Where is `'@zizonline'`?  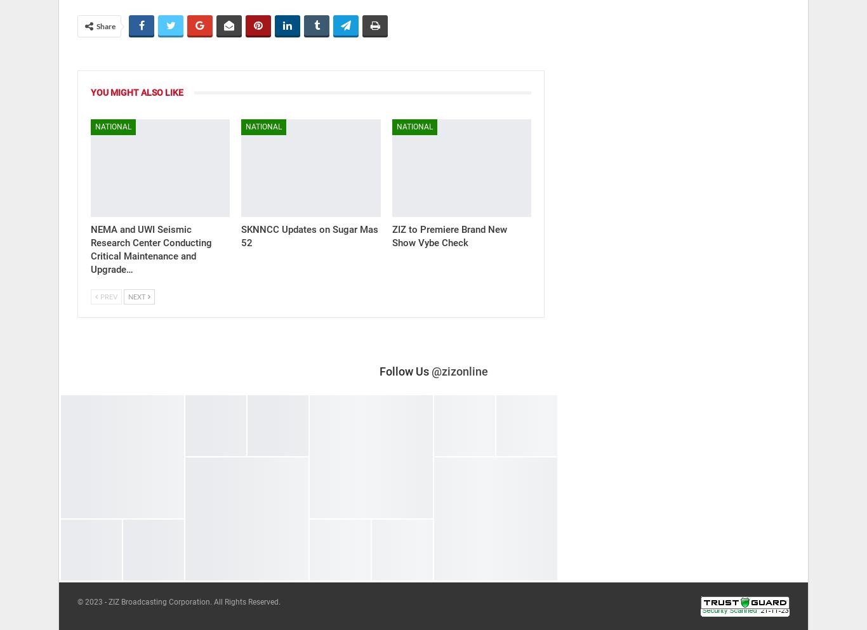
'@zizonline' is located at coordinates (459, 371).